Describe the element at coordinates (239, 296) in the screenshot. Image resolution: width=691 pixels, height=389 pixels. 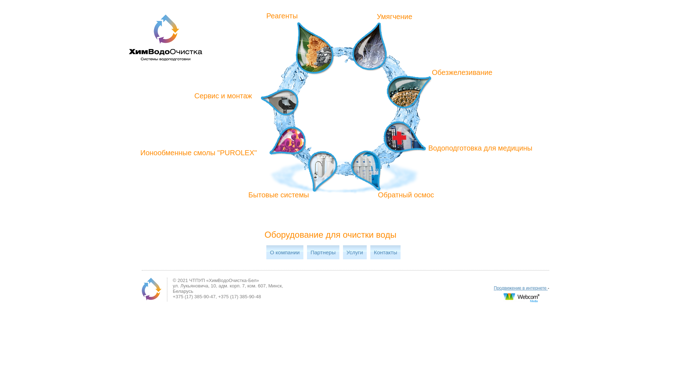
I see `'+375 (17) 385-90-48'` at that location.